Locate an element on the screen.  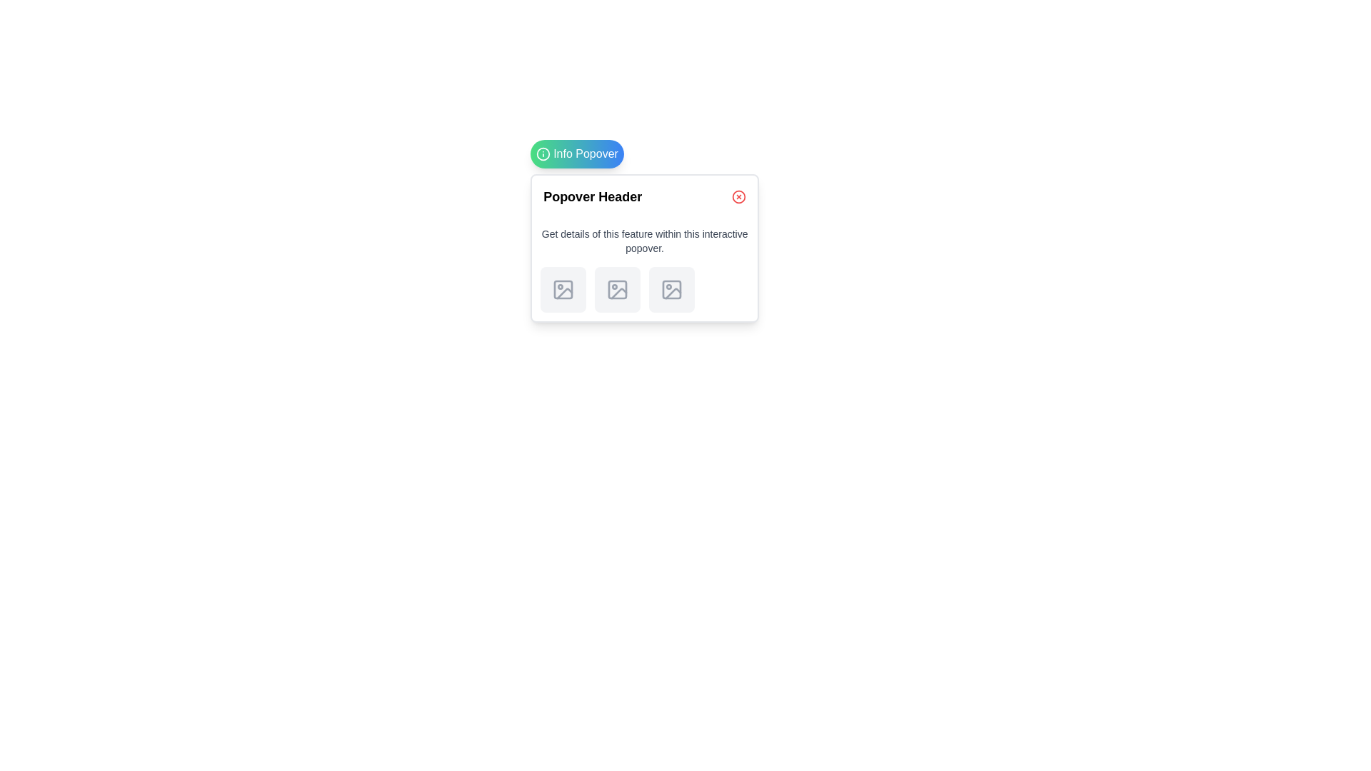
the icon representing an image or photograph located as the second icon from the left in a horizontal sequence below the 'Popover Header' text to interact with its associated functionality is located at coordinates (619, 293).